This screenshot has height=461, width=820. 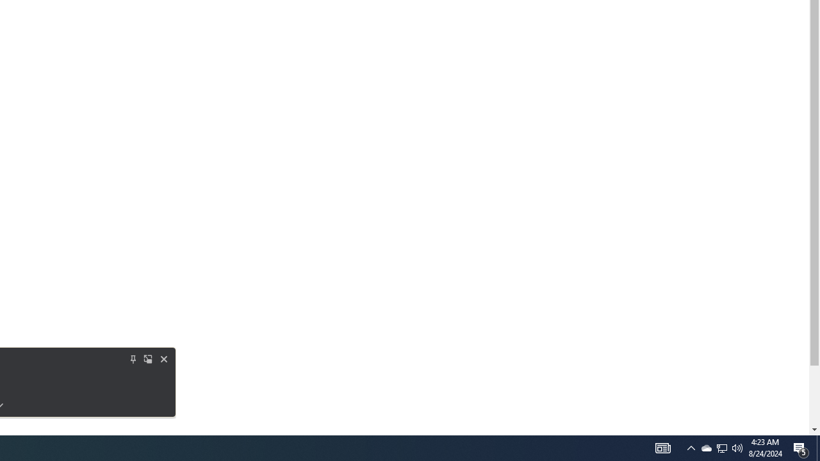 I want to click on 'Q2790: 100%', so click(x=737, y=447).